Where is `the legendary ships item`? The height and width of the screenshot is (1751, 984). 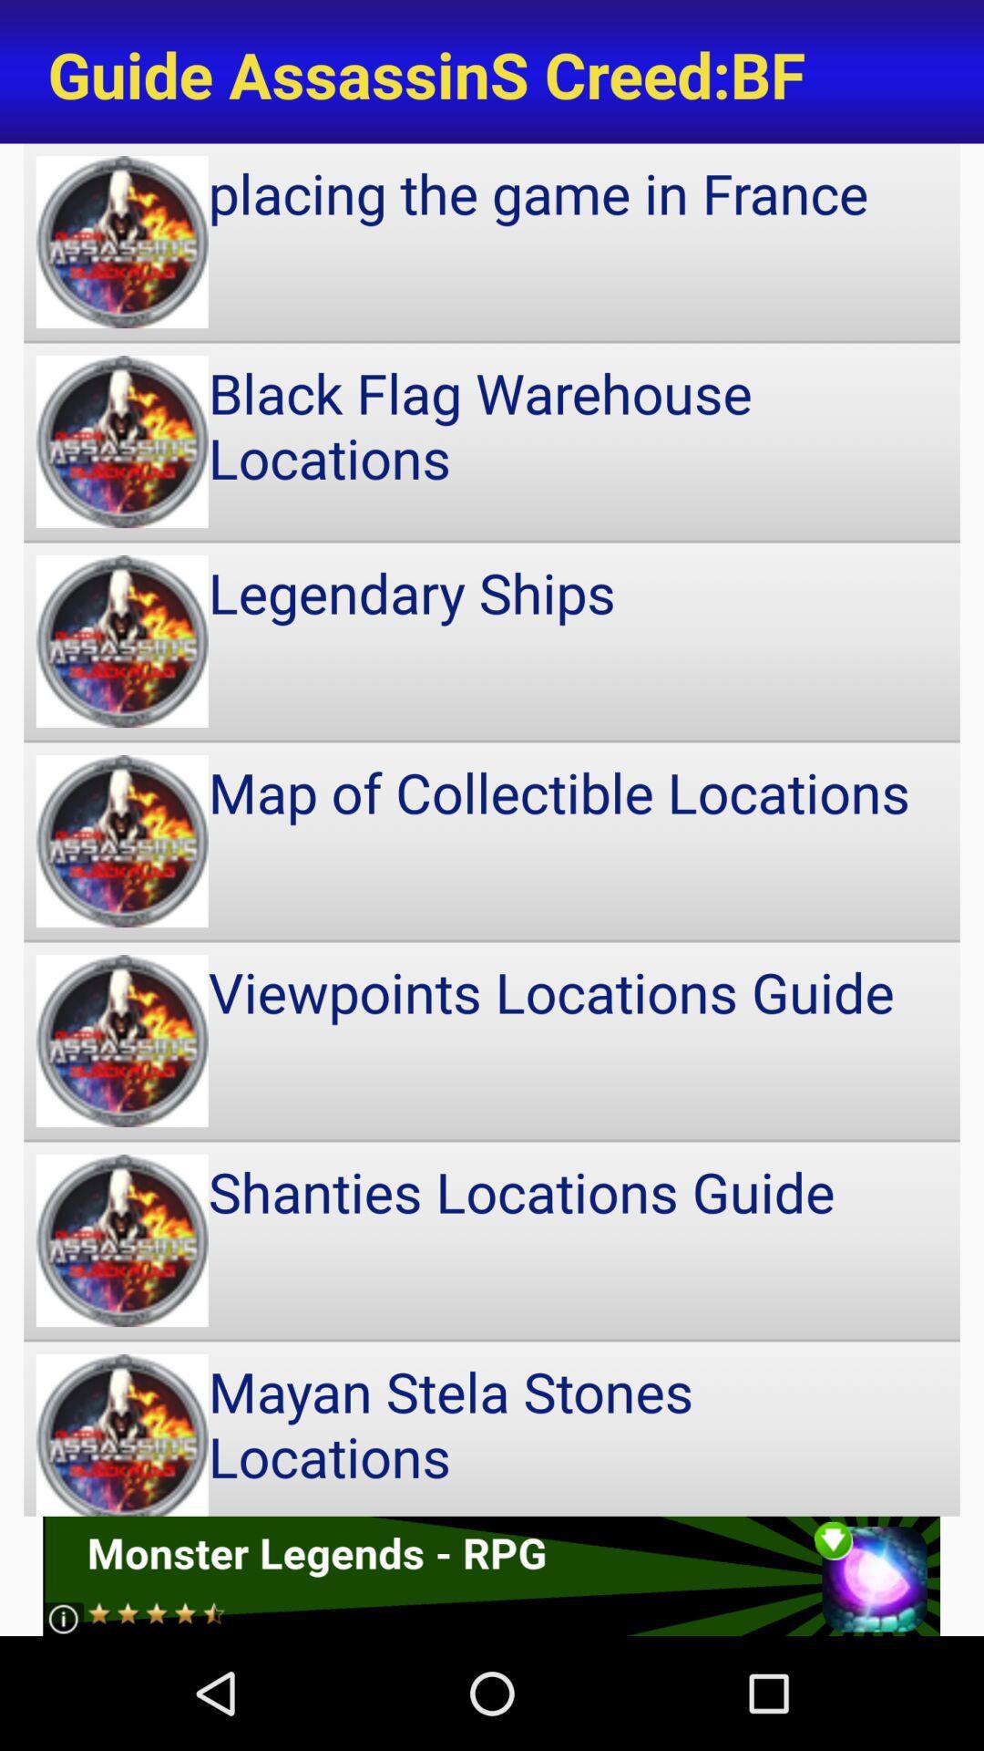
the legendary ships item is located at coordinates (492, 641).